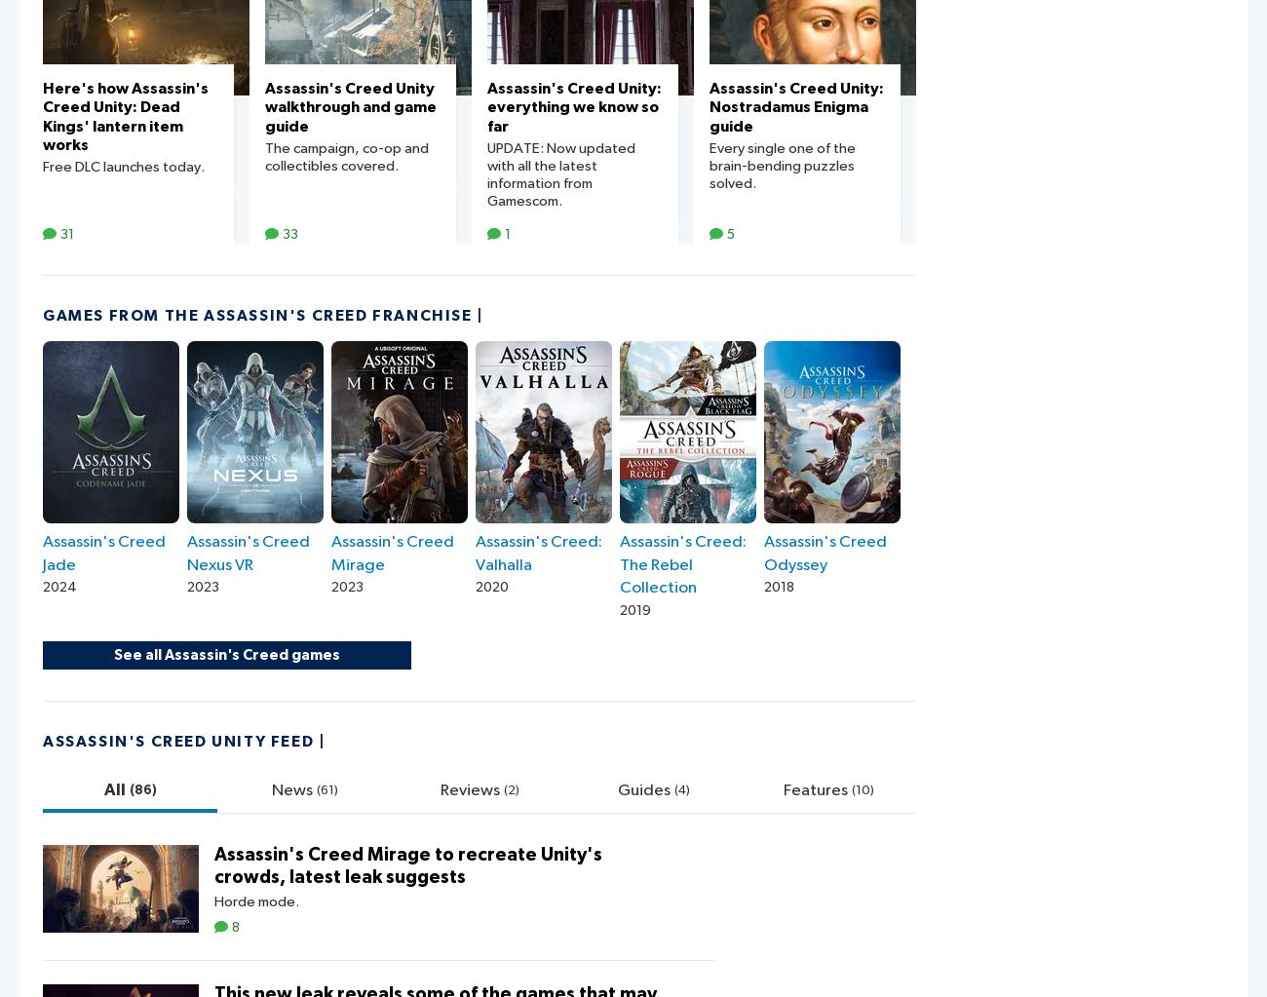  Describe the element at coordinates (730, 233) in the screenshot. I see `'5'` at that location.